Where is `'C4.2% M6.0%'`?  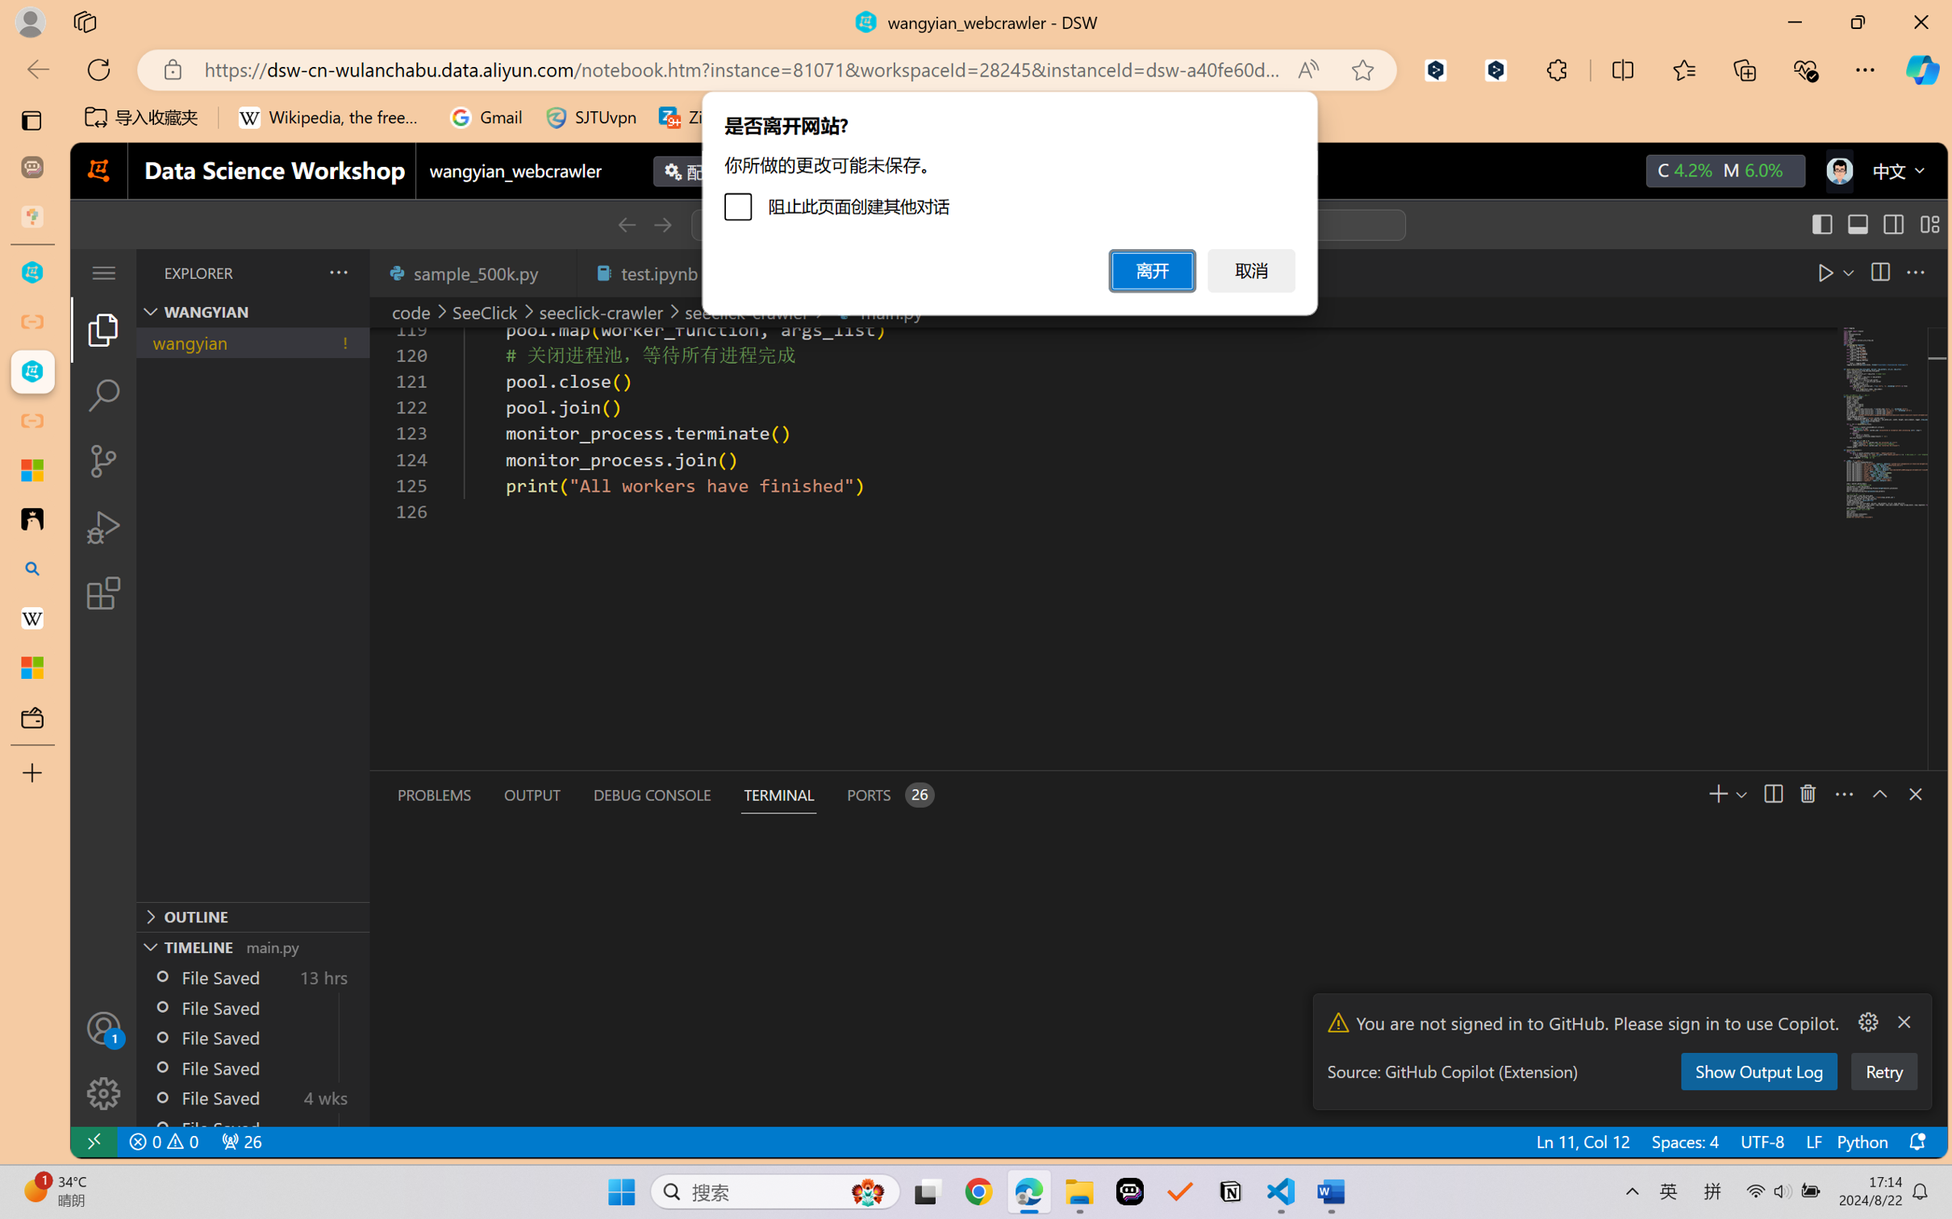
'C4.2% M6.0%' is located at coordinates (1725, 170).